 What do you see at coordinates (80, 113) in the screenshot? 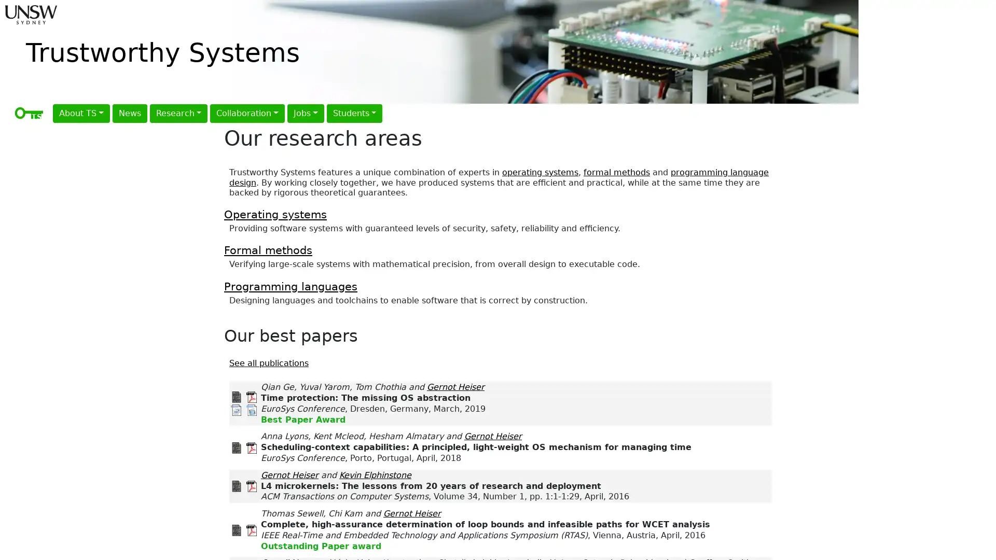
I see `About TS` at bounding box center [80, 113].